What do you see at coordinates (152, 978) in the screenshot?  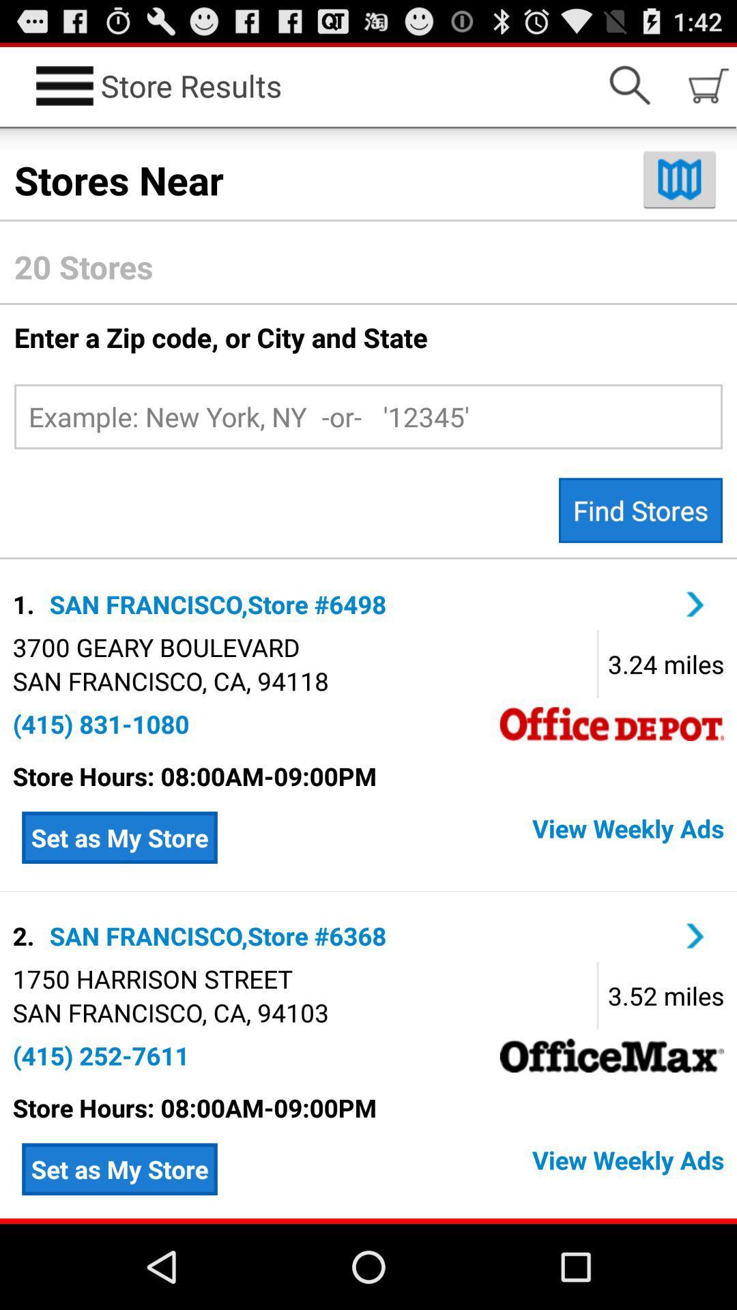 I see `app below 2.  icon` at bounding box center [152, 978].